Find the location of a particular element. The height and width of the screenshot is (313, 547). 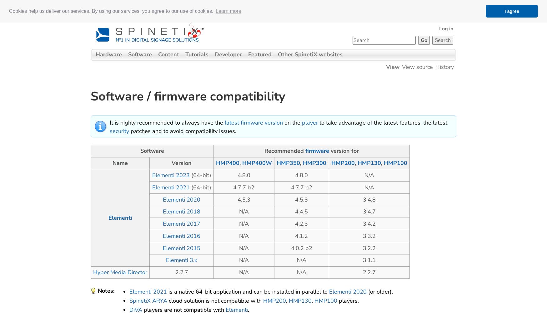

'Elementi 2023' is located at coordinates (152, 175).